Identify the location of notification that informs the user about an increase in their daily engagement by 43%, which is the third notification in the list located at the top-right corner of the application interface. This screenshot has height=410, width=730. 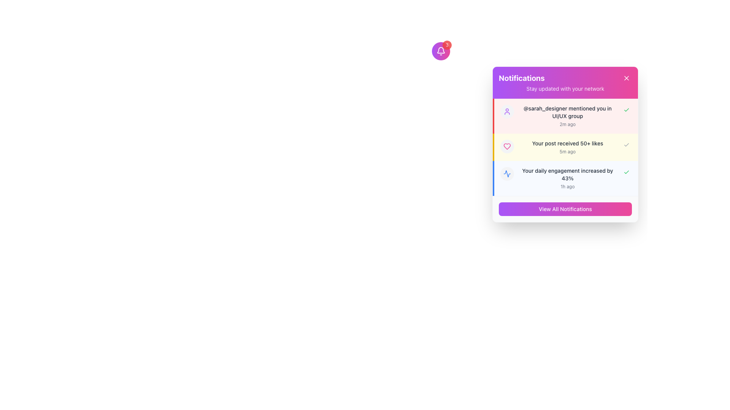
(566, 178).